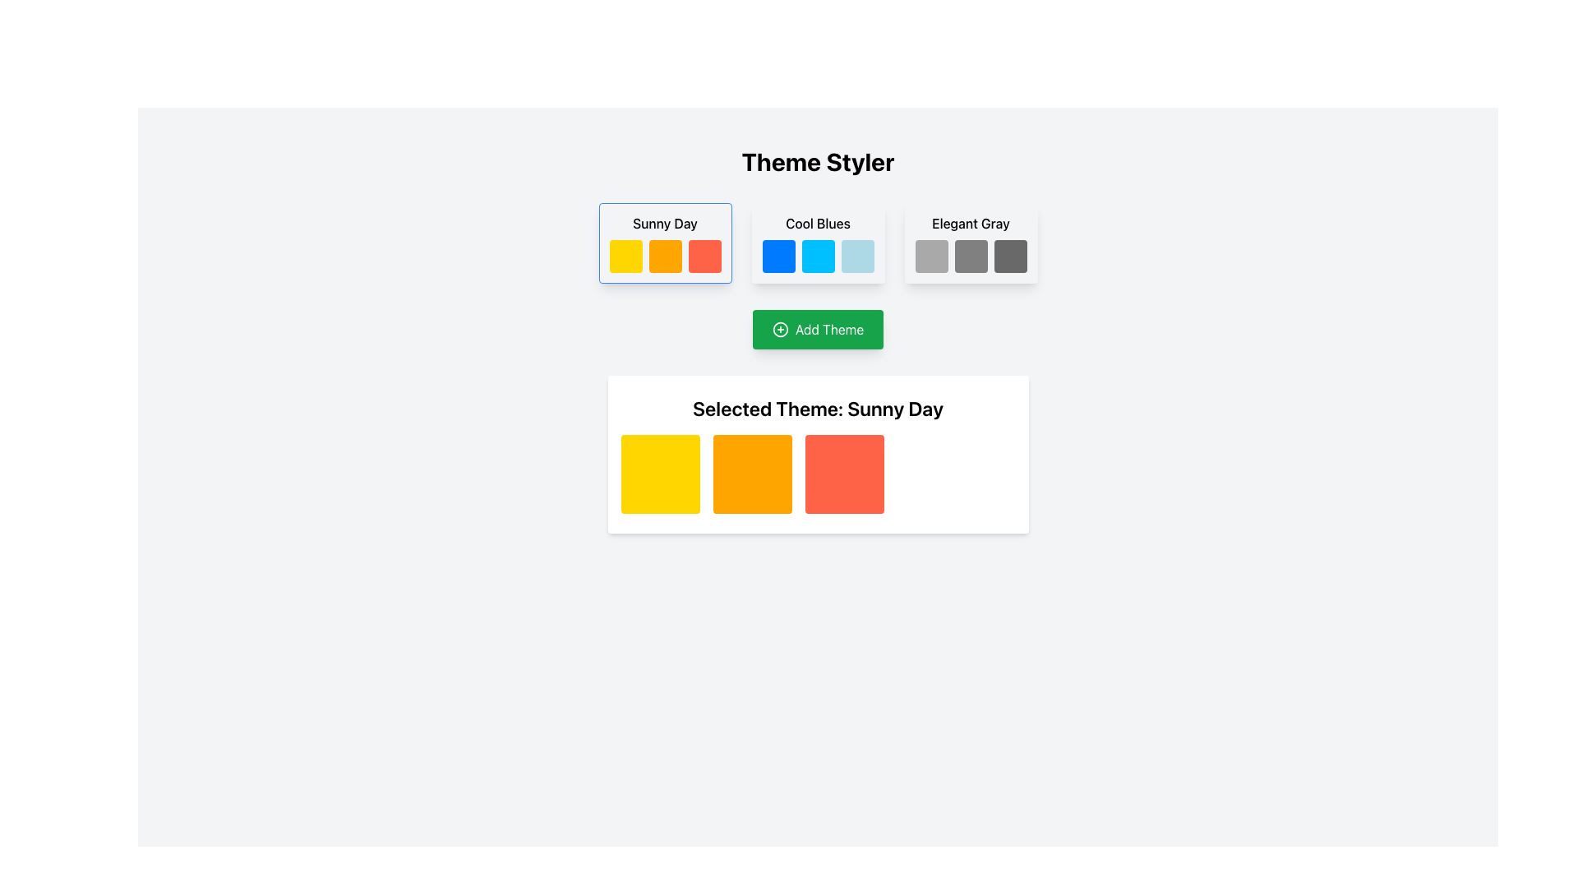 Image resolution: width=1578 pixels, height=888 pixels. I want to click on the square element with an orange background located below the 'Selected Theme: Sunny Day' heading, positioned between the yellow and red squares, so click(751, 474).